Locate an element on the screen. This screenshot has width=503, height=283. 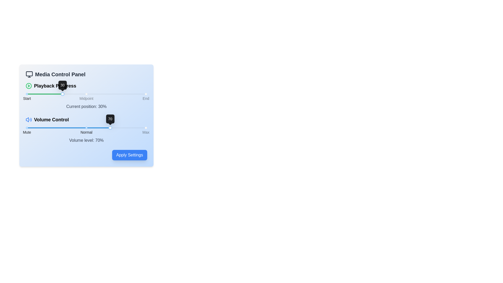
the volume is located at coordinates (29, 128).